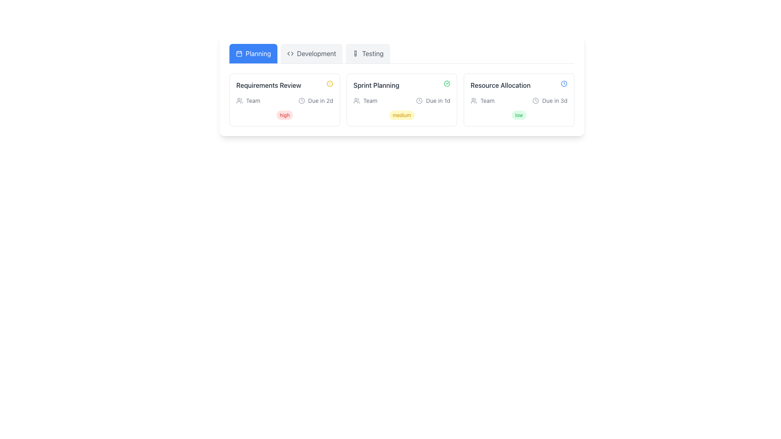 The height and width of the screenshot is (439, 781). I want to click on the group of people icon located in the leftmost card under the 'Planning' tab, near the text 'Team', so click(239, 100).